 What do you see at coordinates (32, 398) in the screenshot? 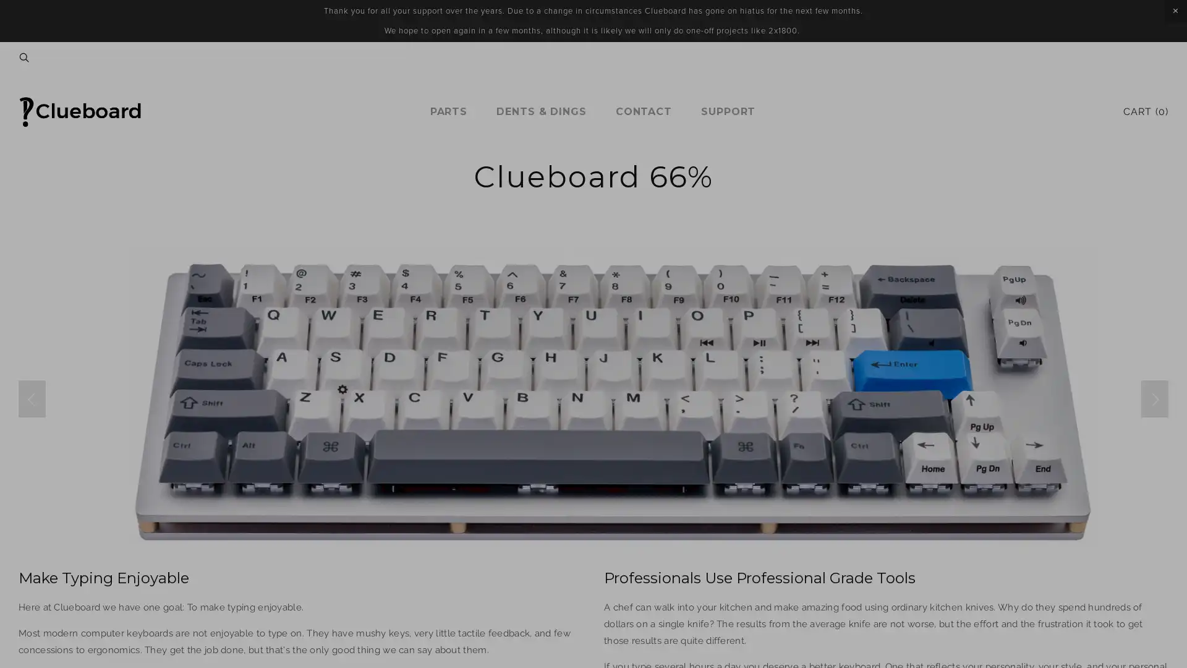
I see `Previous Slide` at bounding box center [32, 398].